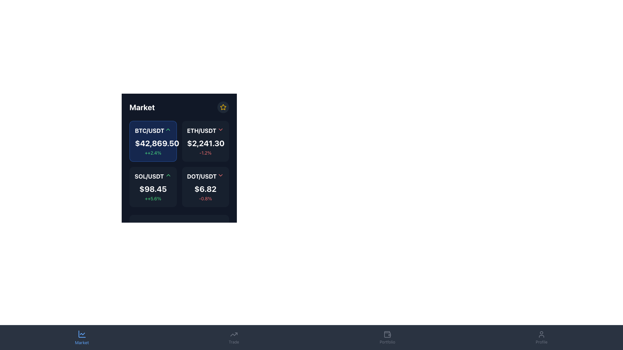 This screenshot has height=350, width=623. I want to click on the chevron icon located in the 'ETH/USDT' section at the top-right corner of the card, which indicates additional details or options, so click(221, 130).